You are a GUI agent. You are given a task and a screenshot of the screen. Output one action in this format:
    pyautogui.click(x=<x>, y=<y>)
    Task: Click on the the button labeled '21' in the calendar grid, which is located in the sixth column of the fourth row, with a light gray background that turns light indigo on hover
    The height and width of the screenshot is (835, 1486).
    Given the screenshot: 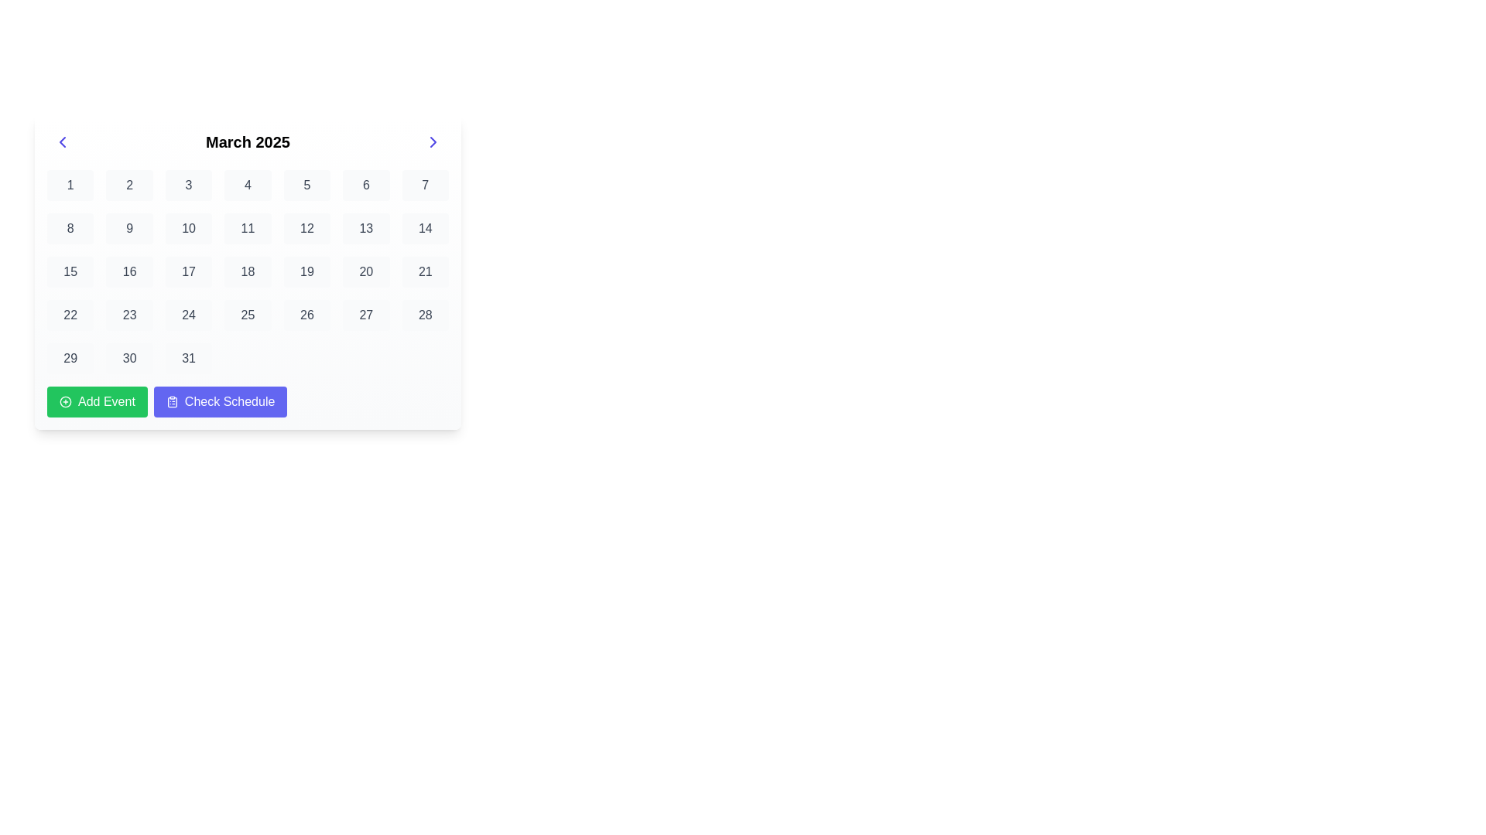 What is the action you would take?
    pyautogui.click(x=425, y=271)
    